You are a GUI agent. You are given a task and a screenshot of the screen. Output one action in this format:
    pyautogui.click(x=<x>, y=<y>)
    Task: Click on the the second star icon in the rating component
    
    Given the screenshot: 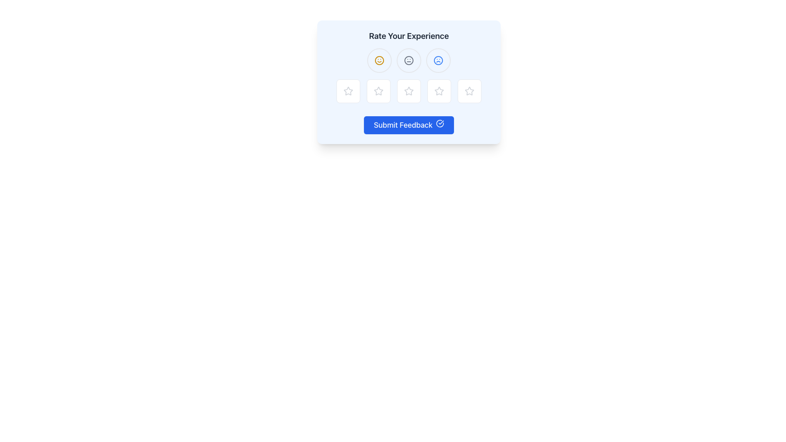 What is the action you would take?
    pyautogui.click(x=378, y=91)
    